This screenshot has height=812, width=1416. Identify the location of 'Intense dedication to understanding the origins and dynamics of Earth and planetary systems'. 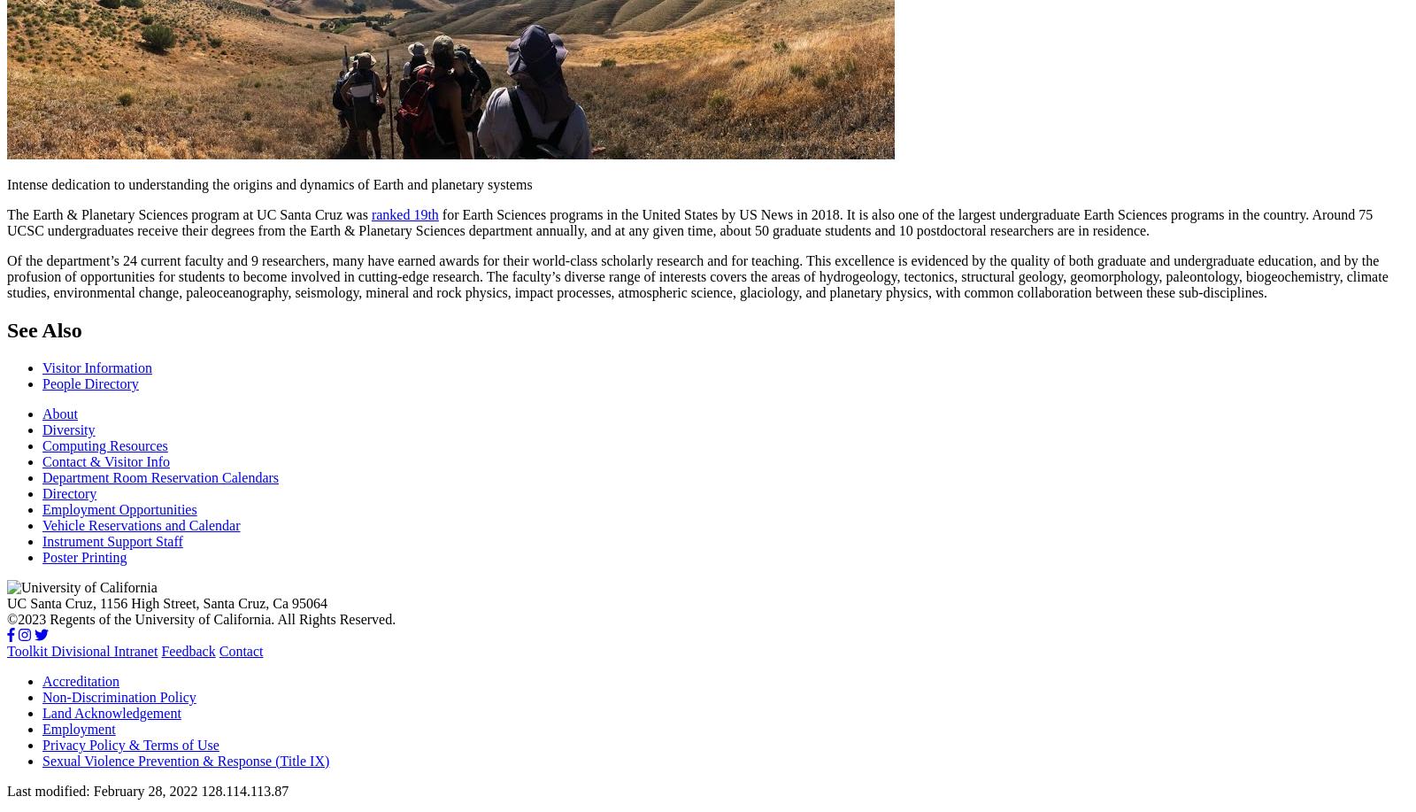
(269, 182).